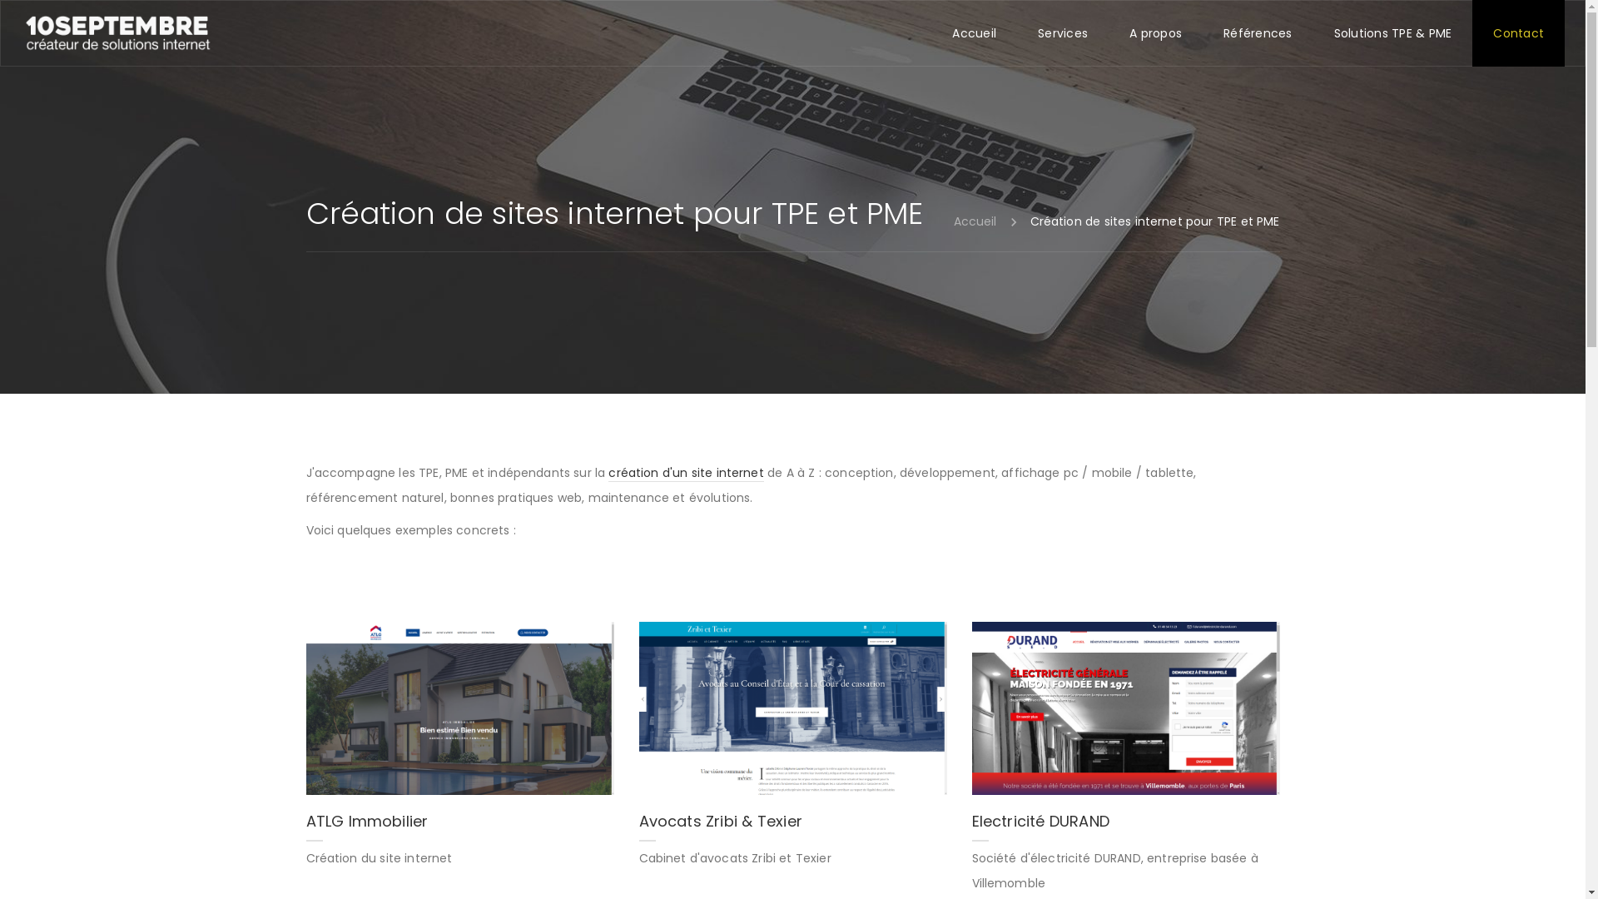  I want to click on 'Solutions TPE & PME', so click(1313, 32).